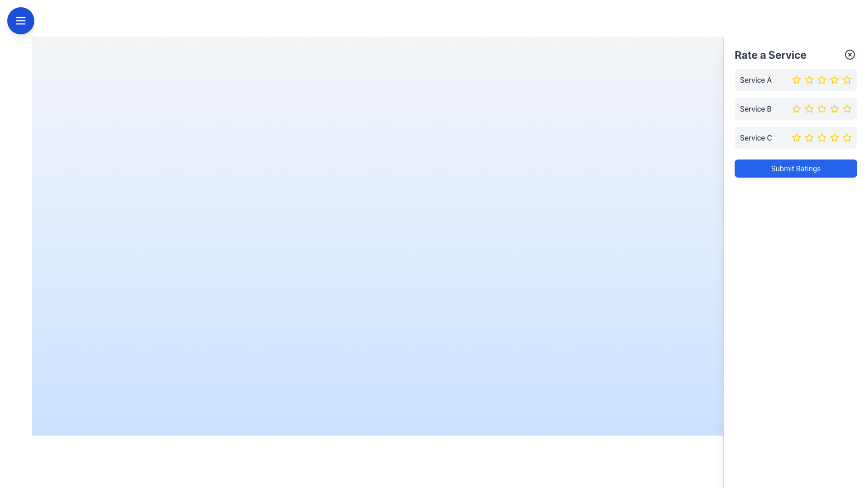 The image size is (868, 488). Describe the element at coordinates (809, 108) in the screenshot. I see `the second star icon in the rating line for 'Service B' located in the 'Rate a Service' section` at that location.